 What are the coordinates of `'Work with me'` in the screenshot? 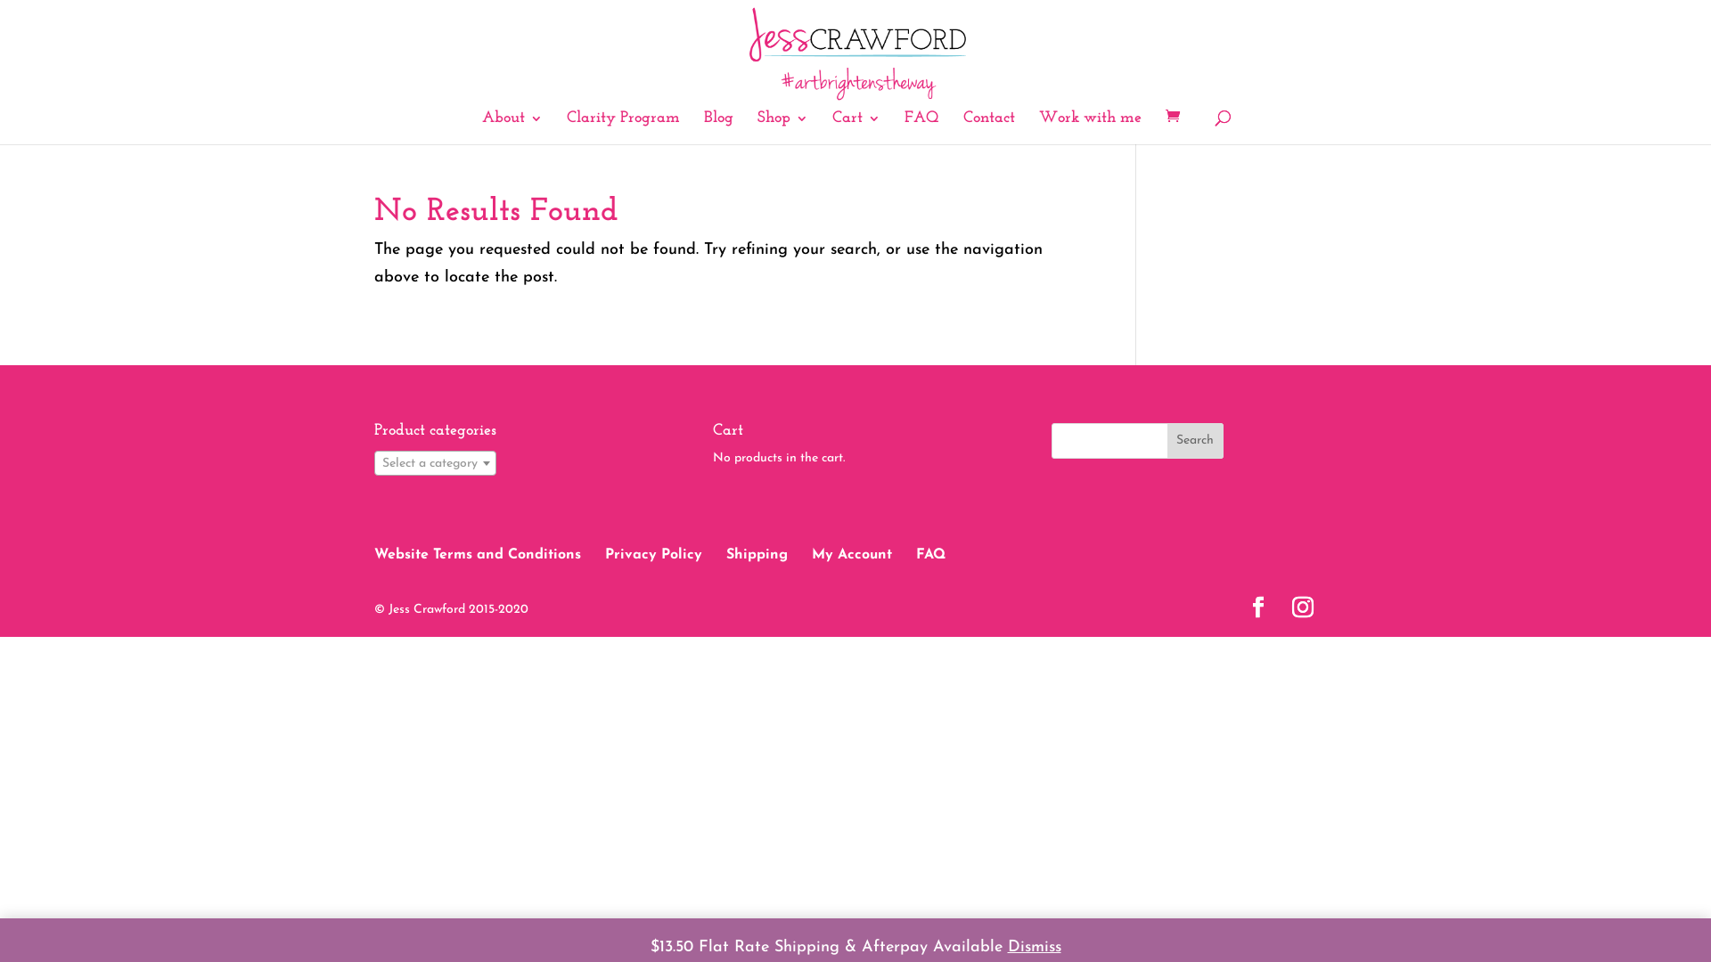 It's located at (1089, 126).